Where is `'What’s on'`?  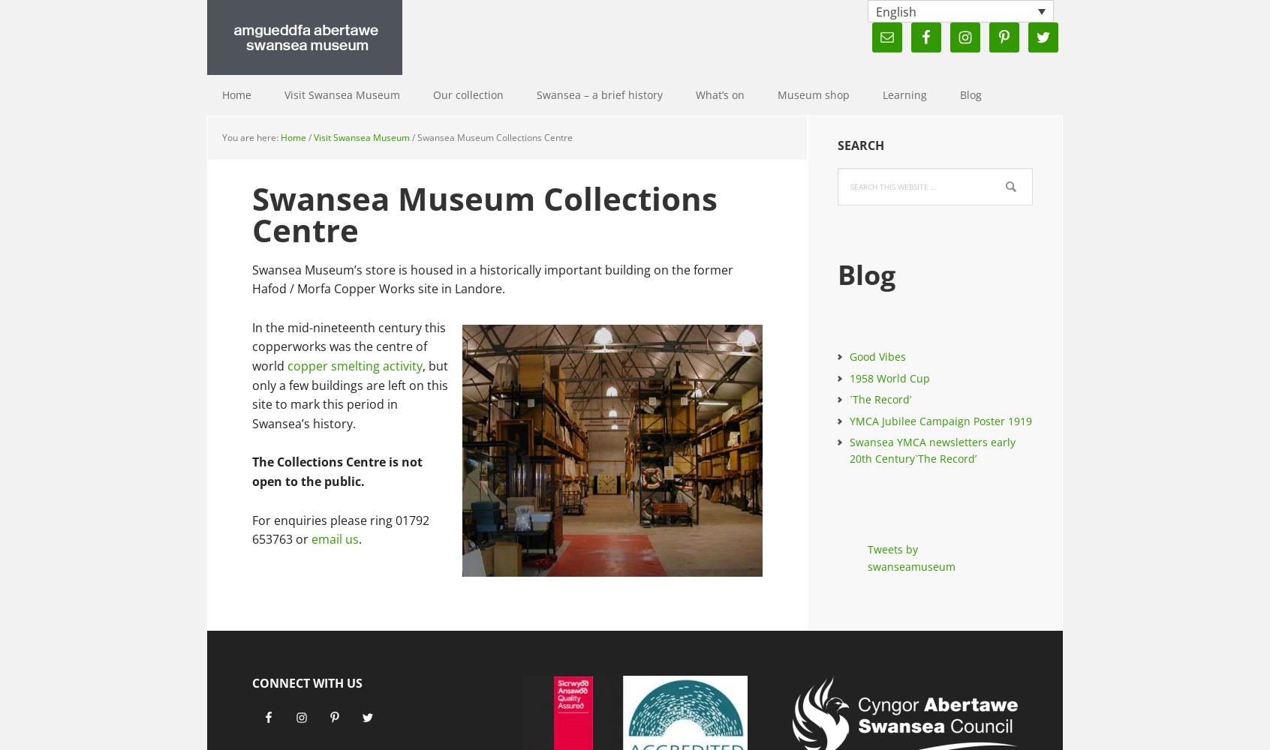
'What’s on' is located at coordinates (720, 94).